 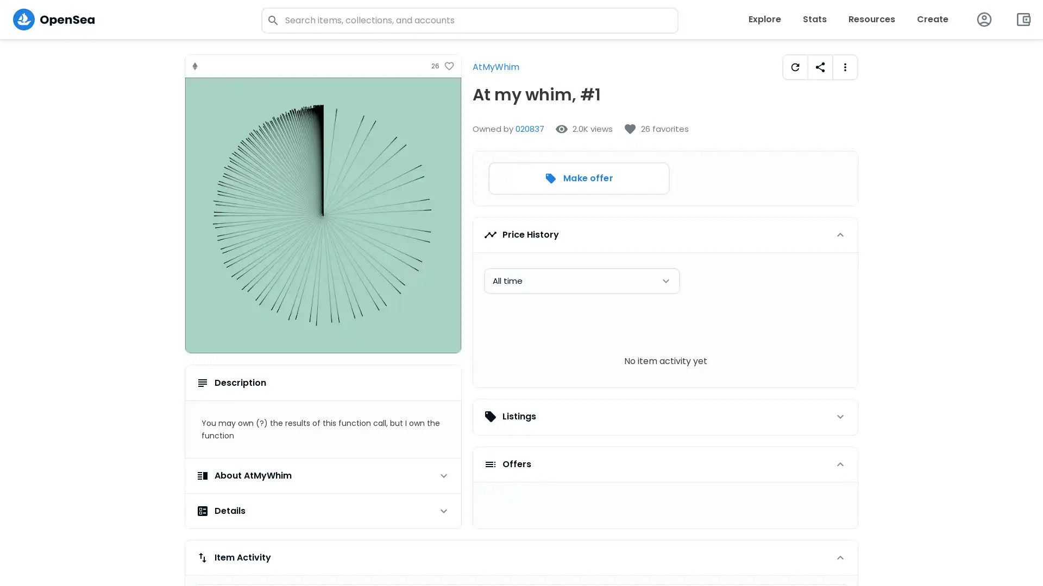 What do you see at coordinates (664, 234) in the screenshot?
I see `Price History` at bounding box center [664, 234].